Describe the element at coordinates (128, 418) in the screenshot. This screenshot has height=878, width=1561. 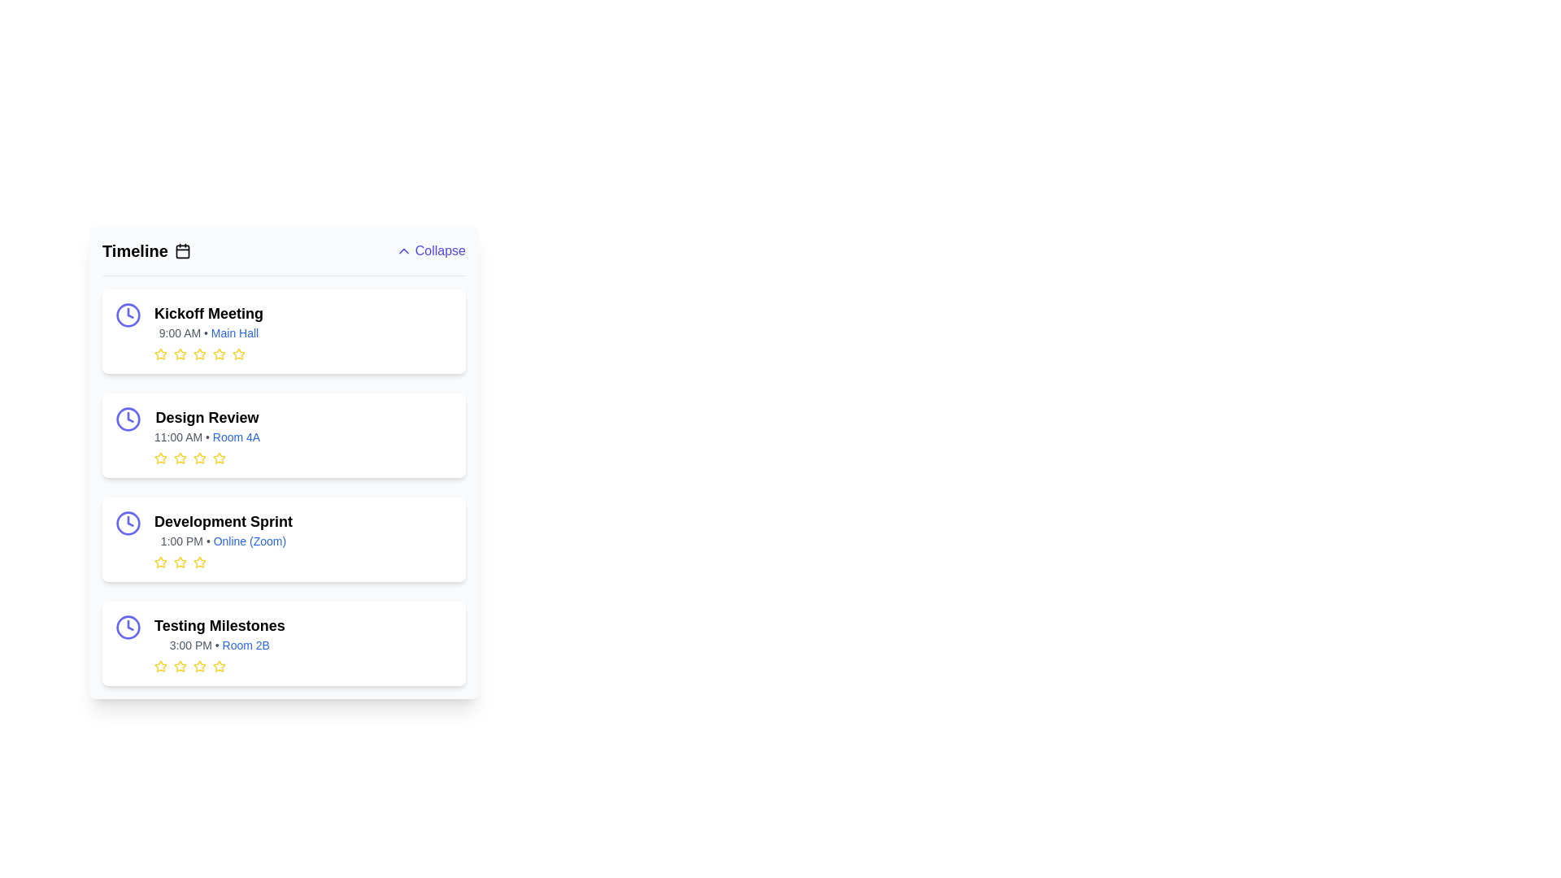
I see `the larger circular outline of the clock icon representing the 'Design Review' meeting time in the timeline` at that location.